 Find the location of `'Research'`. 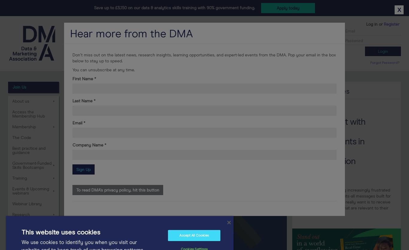

'Research' is located at coordinates (21, 214).